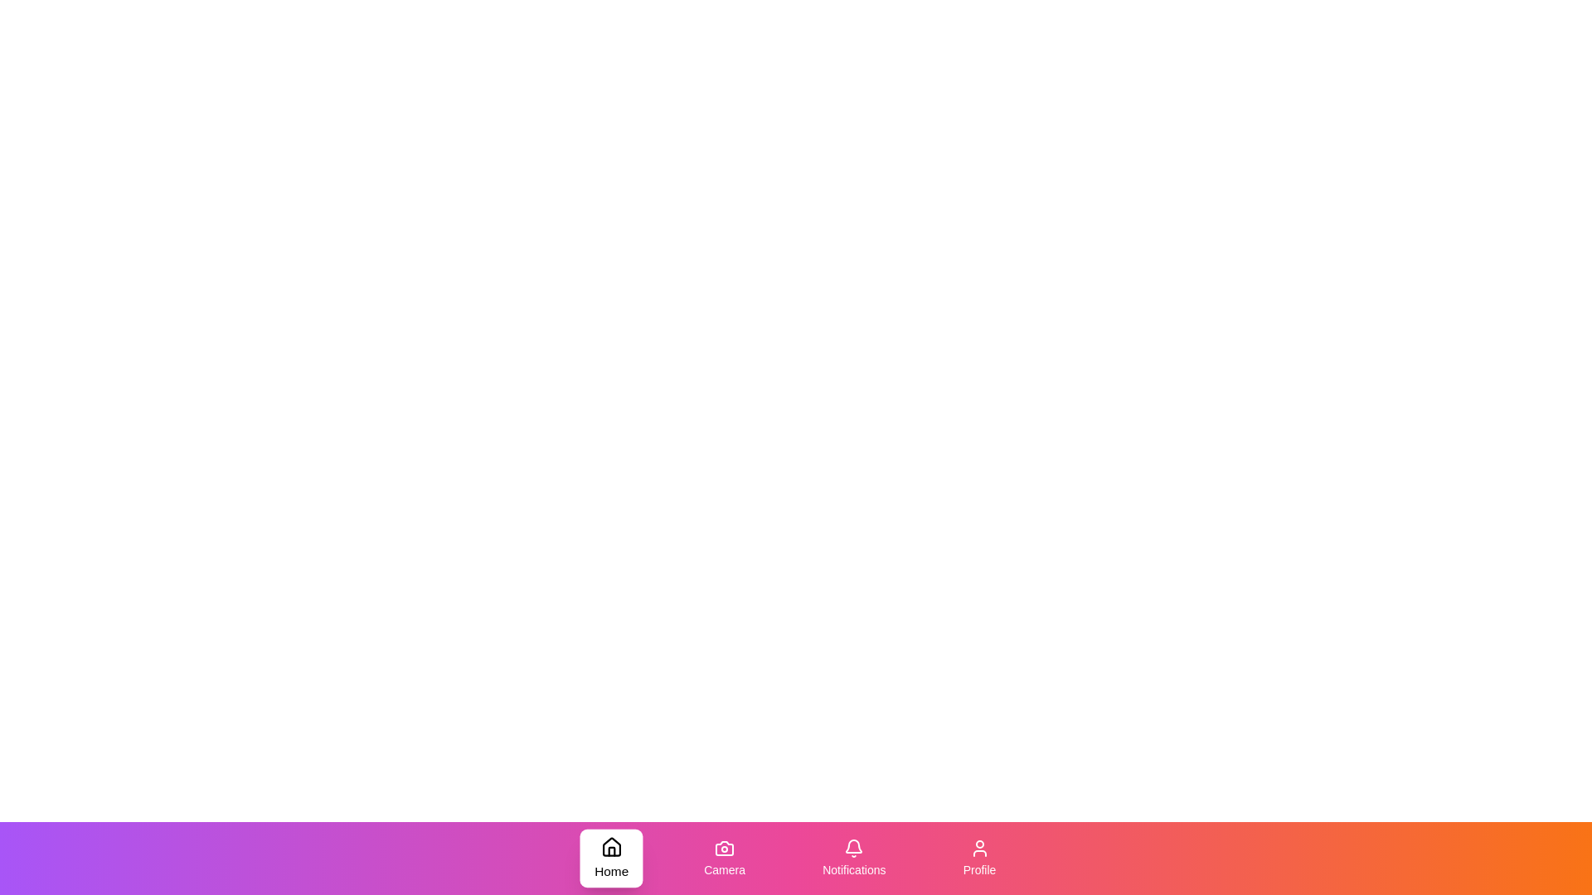 This screenshot has width=1592, height=895. Describe the element at coordinates (978, 858) in the screenshot. I see `the Profile tab in the bottom navigation bar` at that location.